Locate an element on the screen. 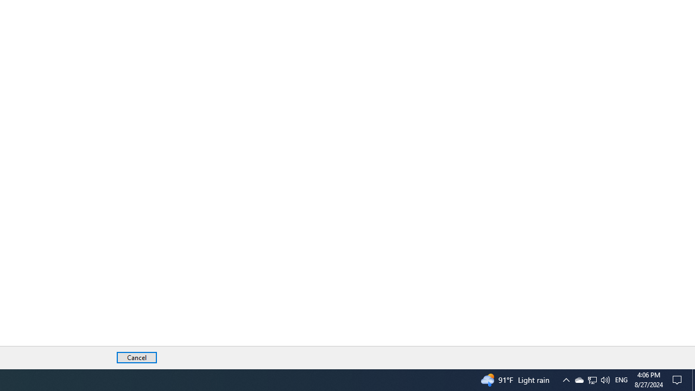 The width and height of the screenshot is (695, 391). 'User Promoted Notification Area' is located at coordinates (565, 379).